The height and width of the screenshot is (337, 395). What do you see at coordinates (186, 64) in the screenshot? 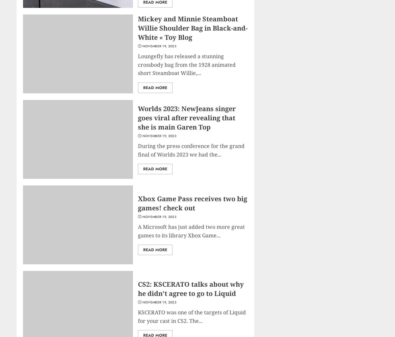
I see `'Loungefly has released a stunning crossbody bag from the 1928 animated short Steamboat Willie,...'` at bounding box center [186, 64].